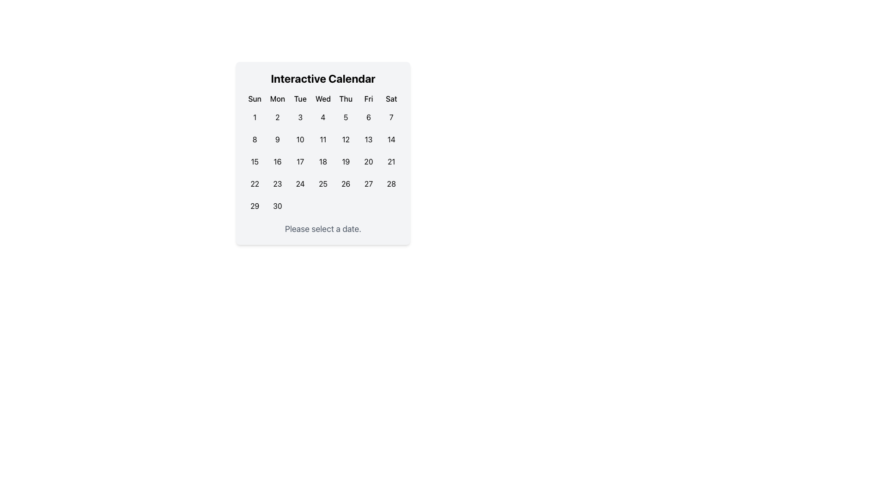 This screenshot has height=499, width=887. I want to click on the interactive button displaying the number '3' in the calendar grid, so click(300, 117).